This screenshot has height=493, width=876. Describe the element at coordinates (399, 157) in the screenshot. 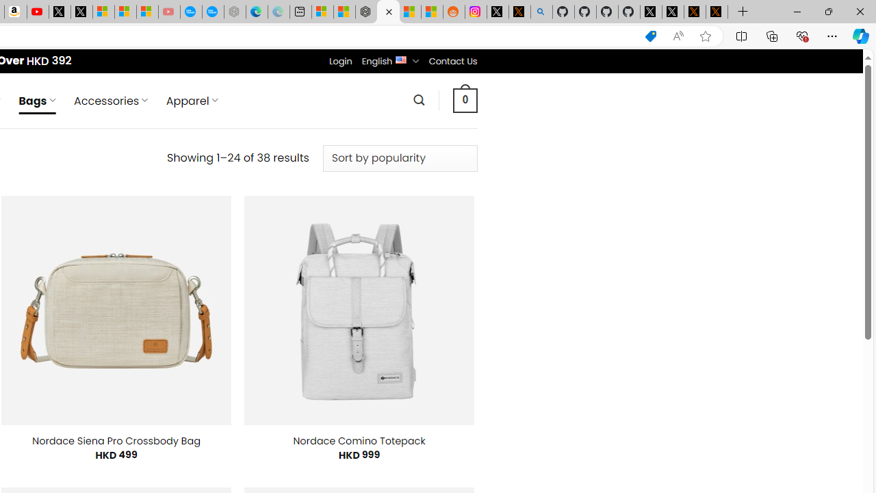

I see `'Shop order'` at that location.